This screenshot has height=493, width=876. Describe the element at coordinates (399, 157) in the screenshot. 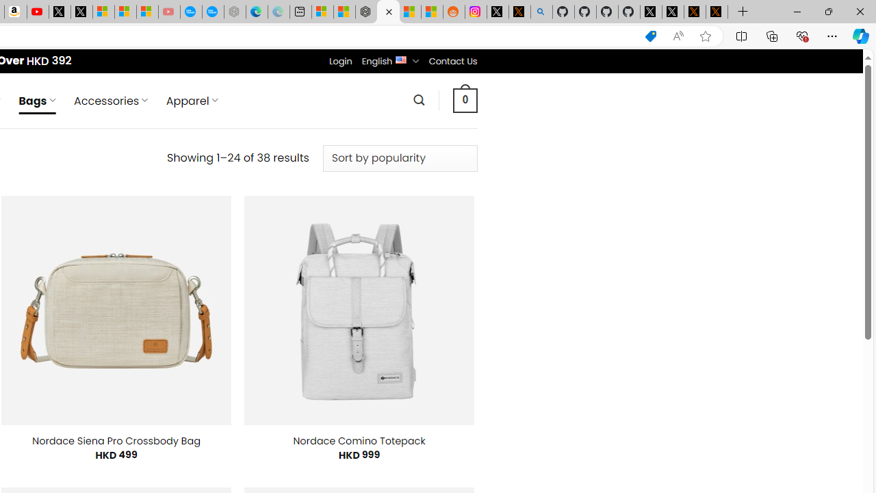

I see `'Shop order'` at that location.